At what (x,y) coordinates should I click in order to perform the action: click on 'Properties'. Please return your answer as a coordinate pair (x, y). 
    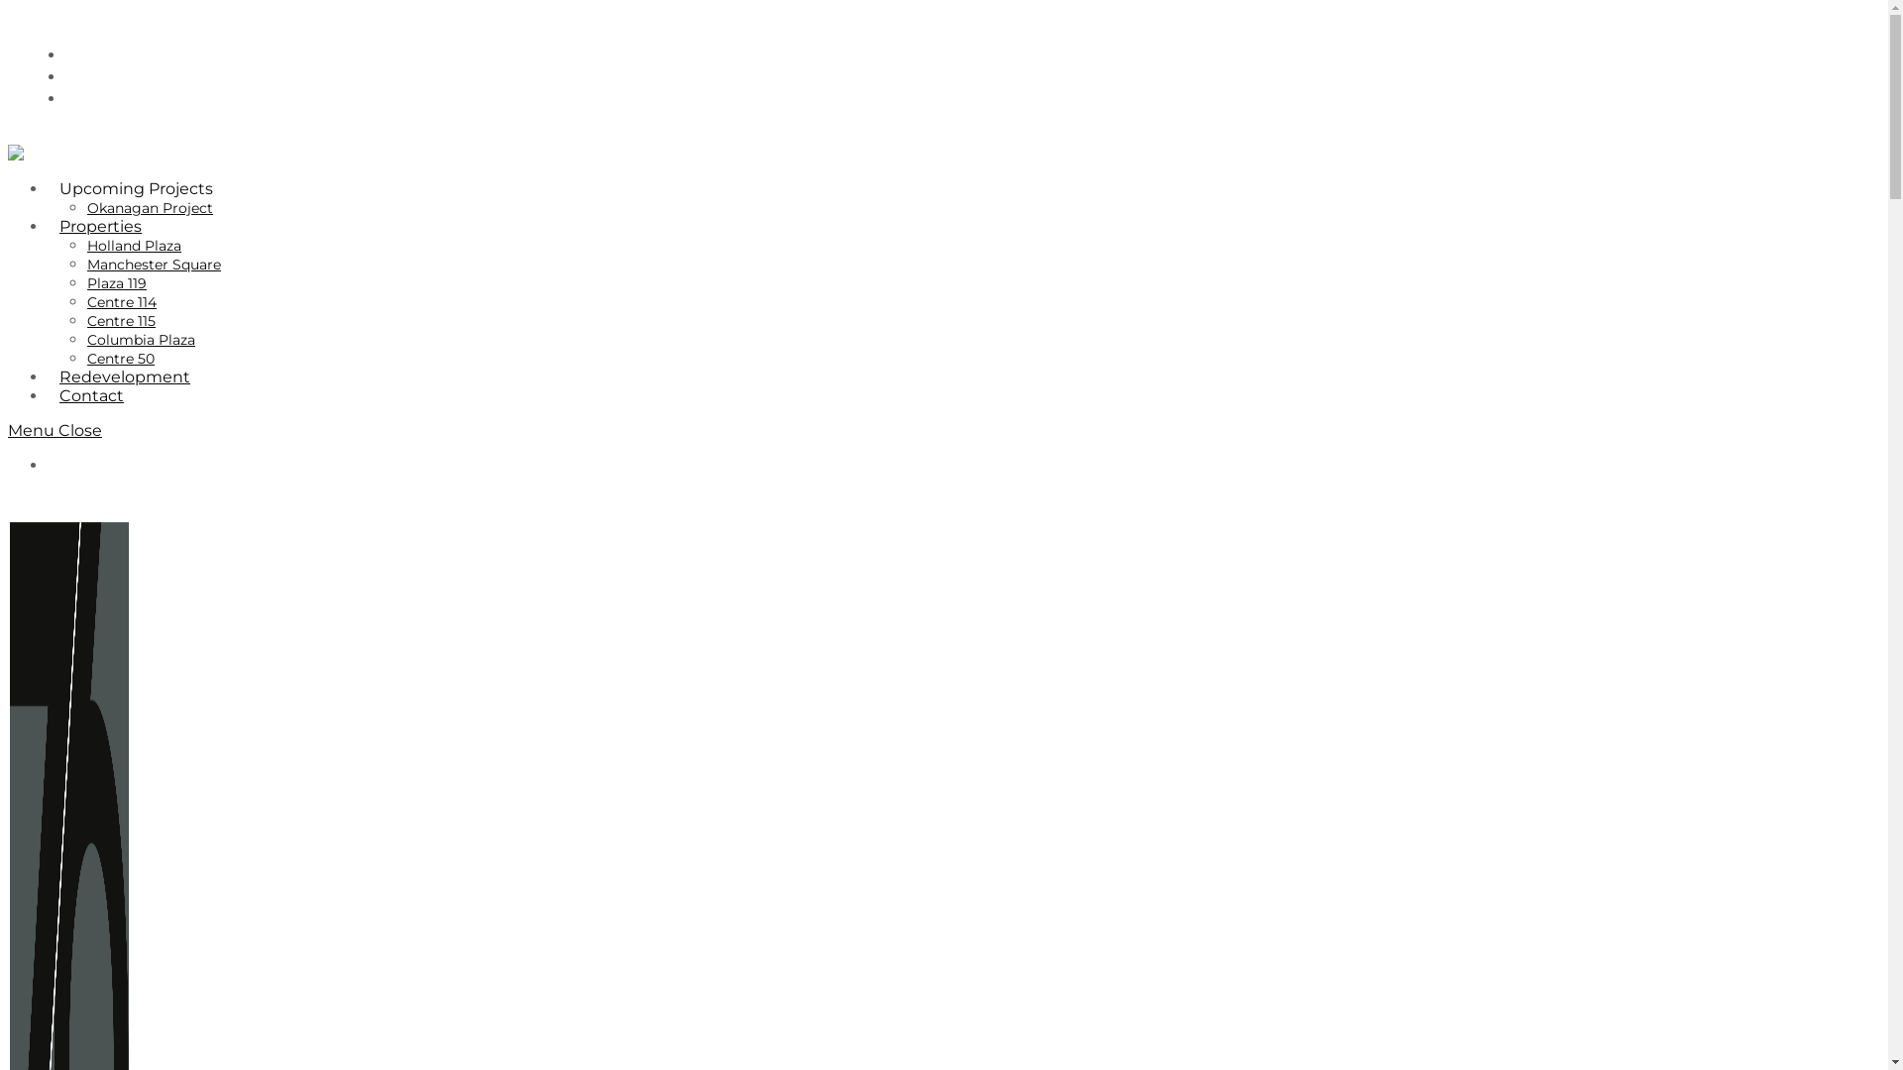
    Looking at the image, I should click on (99, 225).